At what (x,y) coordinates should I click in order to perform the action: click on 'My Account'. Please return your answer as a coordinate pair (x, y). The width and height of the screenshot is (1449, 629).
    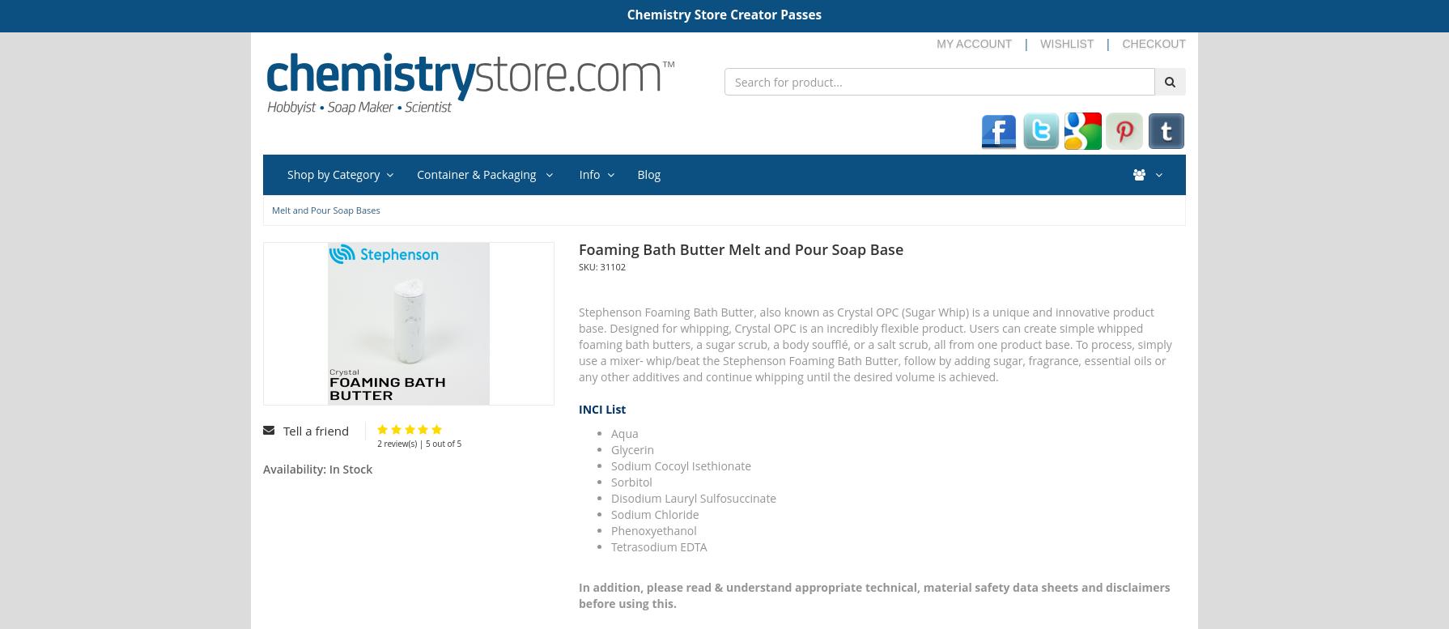
    Looking at the image, I should click on (974, 44).